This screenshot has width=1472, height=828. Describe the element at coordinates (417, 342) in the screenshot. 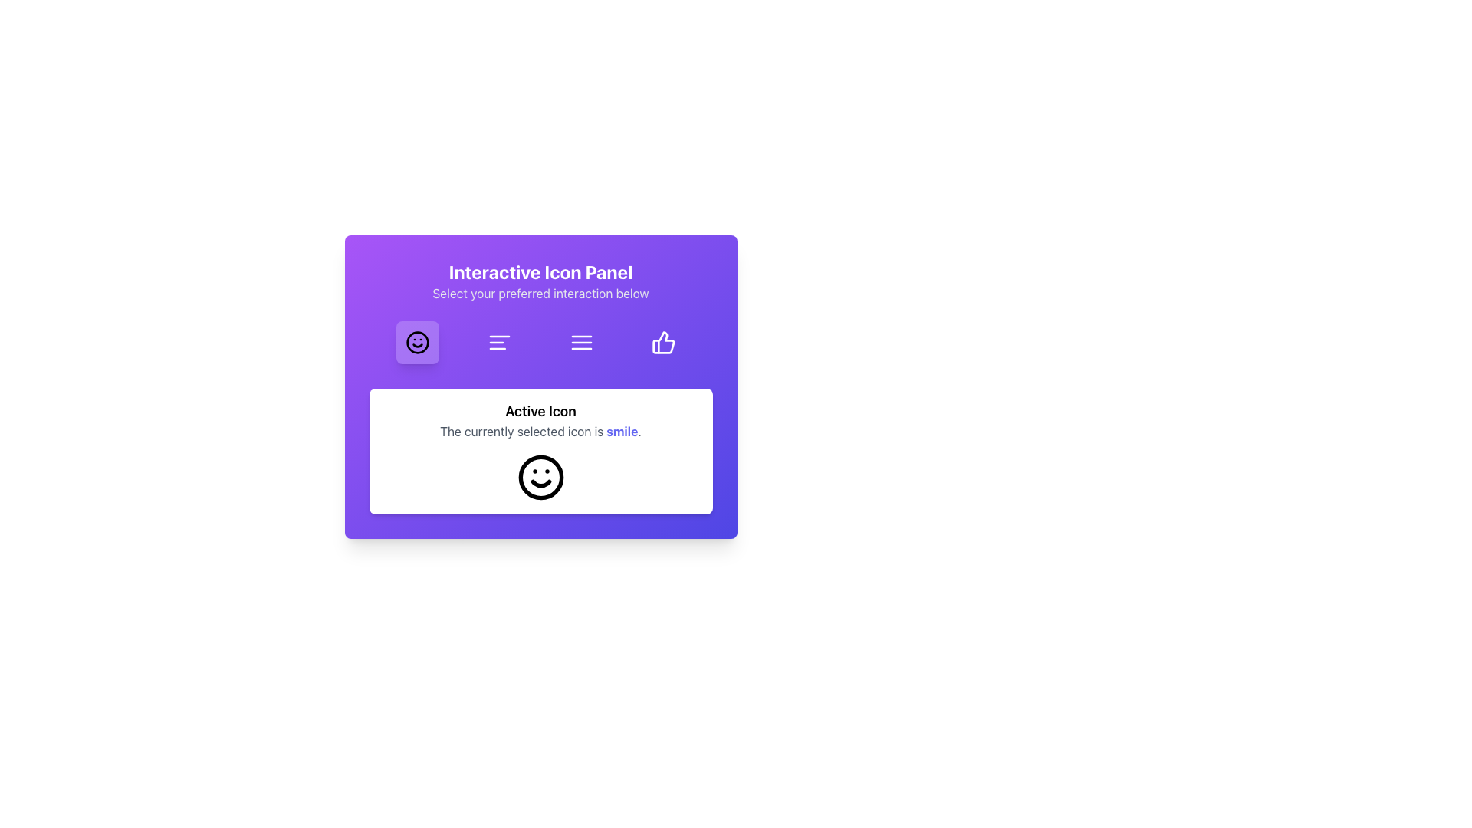

I see `the leftmost rounded button displaying a smiley face icon` at that location.